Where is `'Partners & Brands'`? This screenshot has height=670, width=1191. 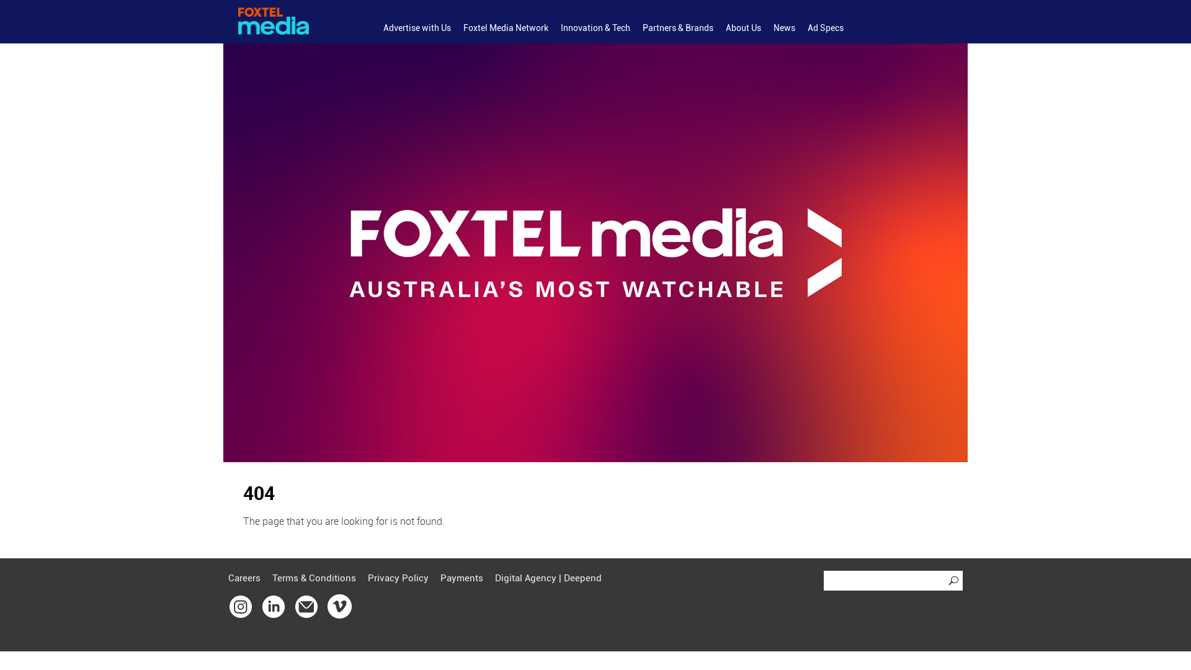 'Partners & Brands' is located at coordinates (677, 28).